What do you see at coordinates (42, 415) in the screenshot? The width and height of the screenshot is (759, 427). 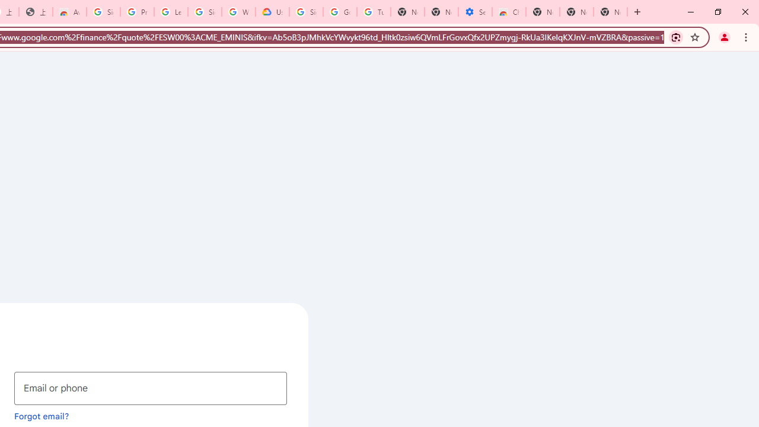 I see `'Forgot email?'` at bounding box center [42, 415].